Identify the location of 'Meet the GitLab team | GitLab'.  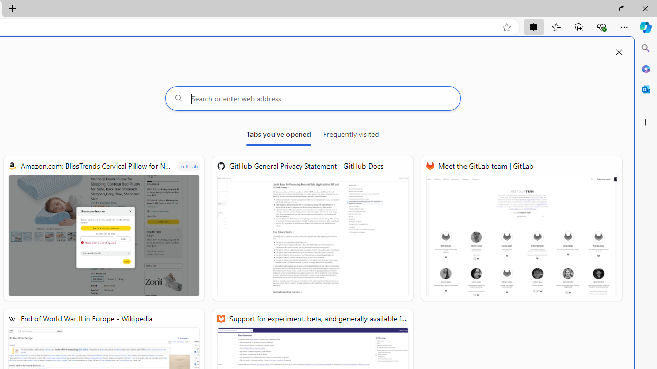
(521, 228).